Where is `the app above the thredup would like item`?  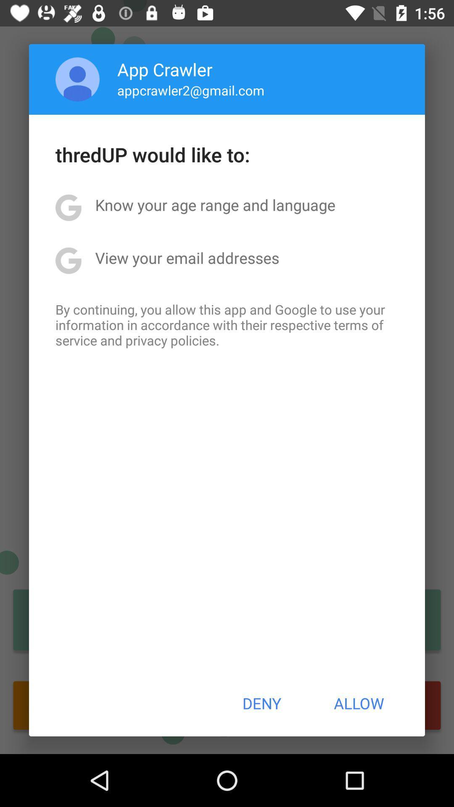
the app above the thredup would like item is located at coordinates (191, 90).